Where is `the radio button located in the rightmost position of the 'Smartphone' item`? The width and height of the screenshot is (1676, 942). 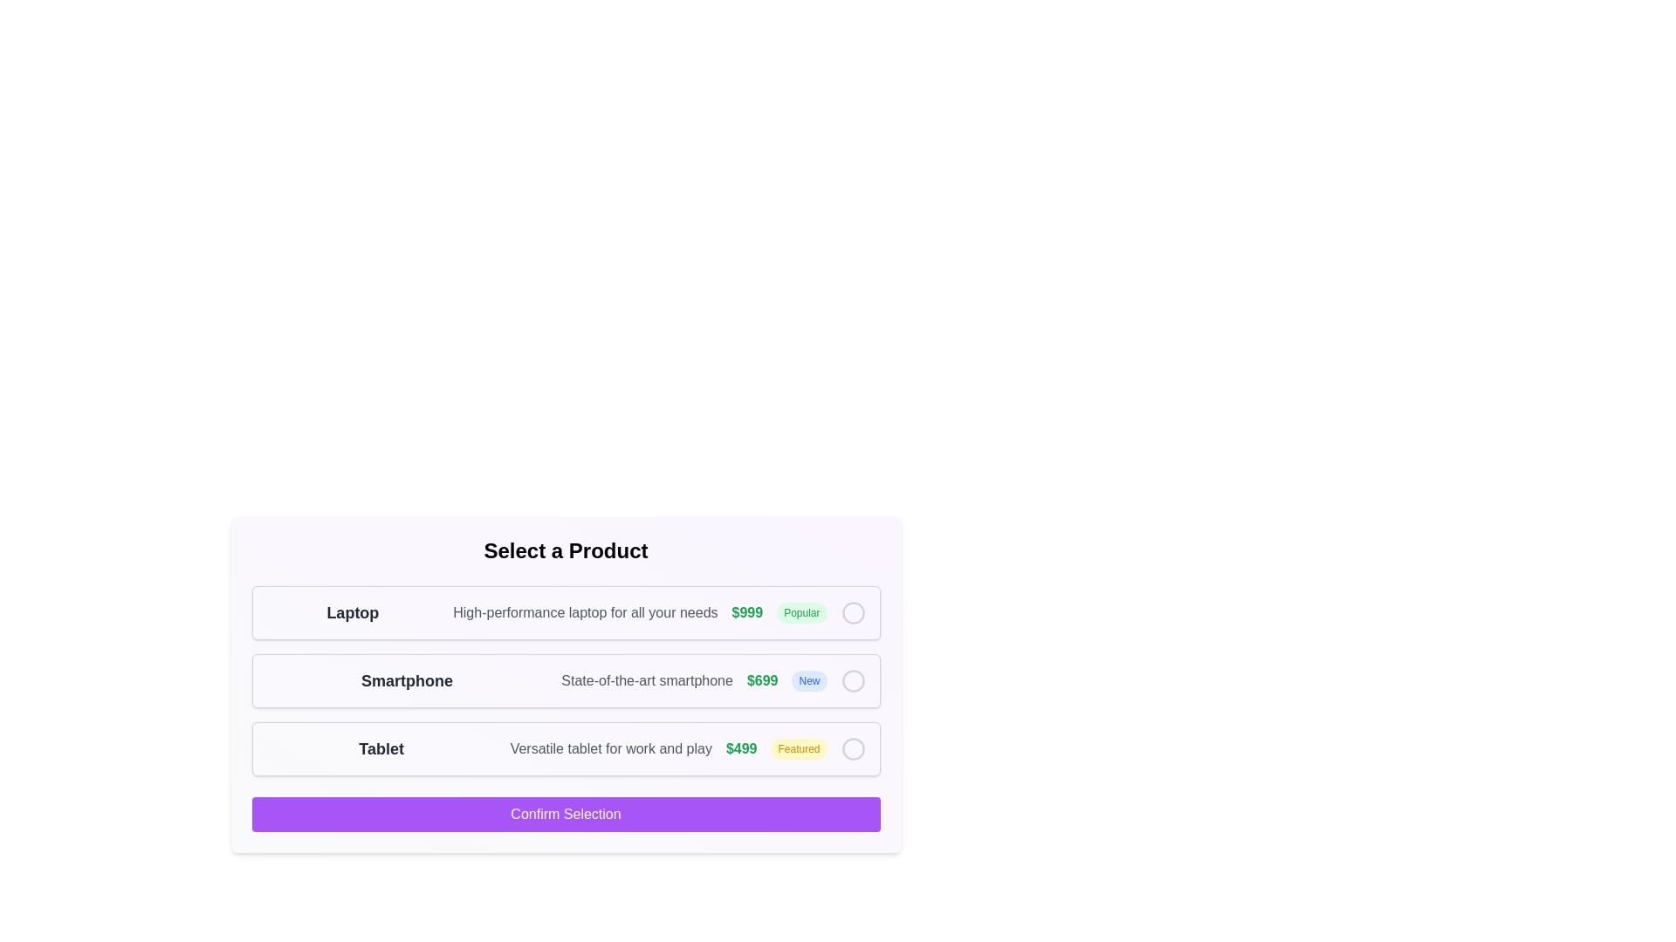 the radio button located in the rightmost position of the 'Smartphone' item is located at coordinates (853, 679).